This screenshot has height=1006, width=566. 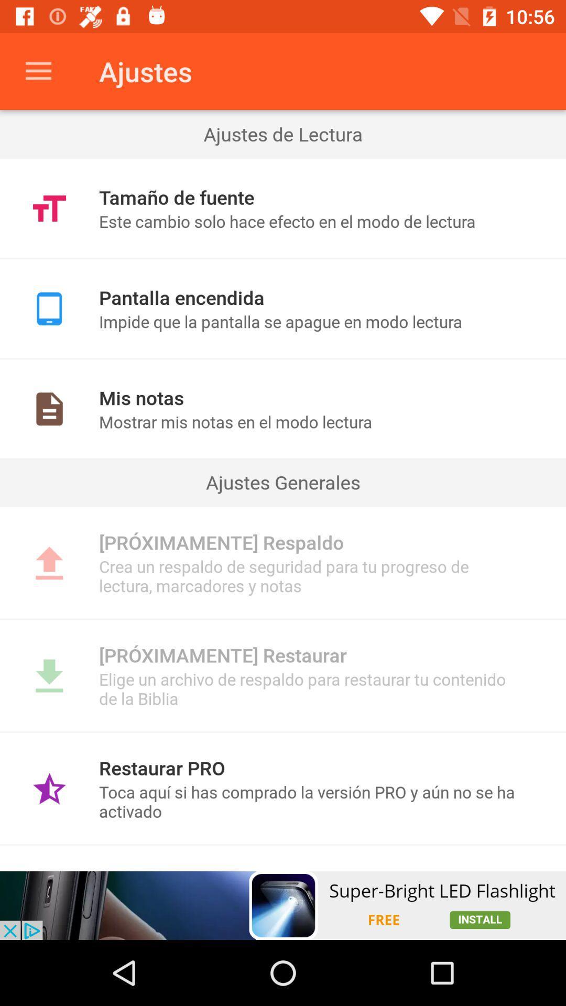 I want to click on restaurar pro, so click(x=162, y=768).